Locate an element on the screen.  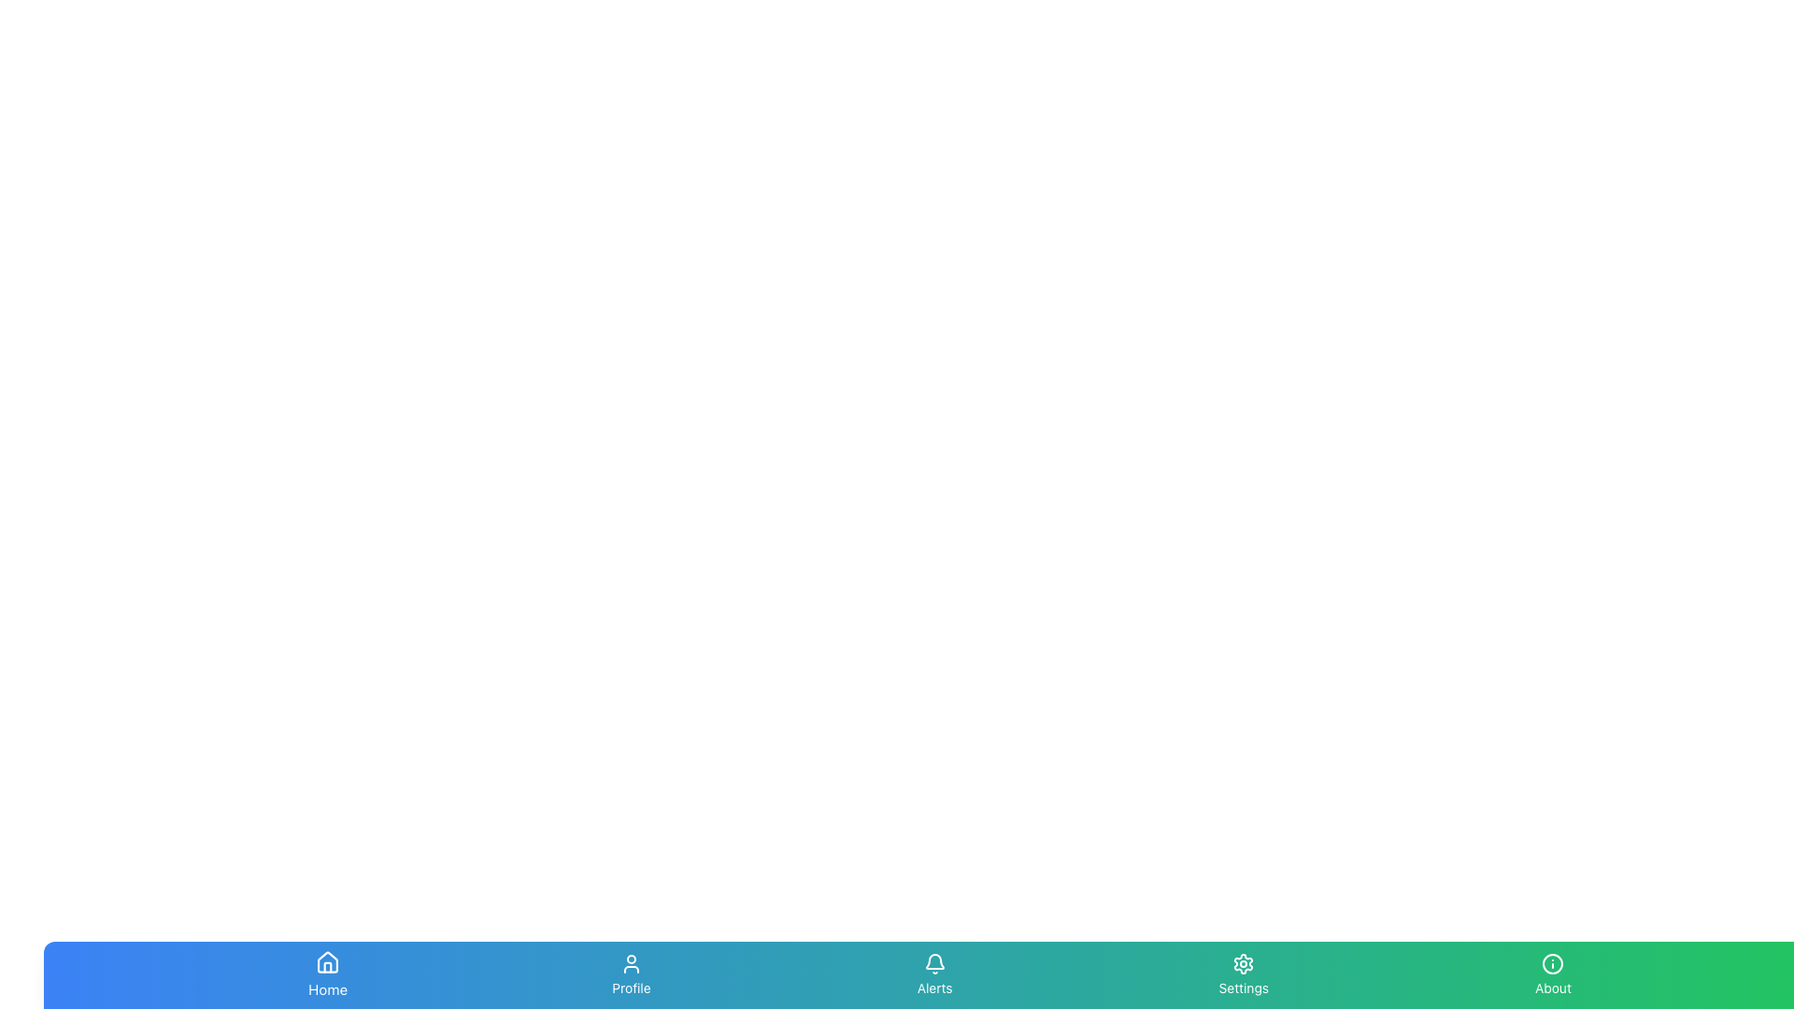
the 'Alerts' text label located in the navigation bar below the bell icon, which is centered among other items such as 'Profile' and 'Settings' is located at coordinates (934, 987).